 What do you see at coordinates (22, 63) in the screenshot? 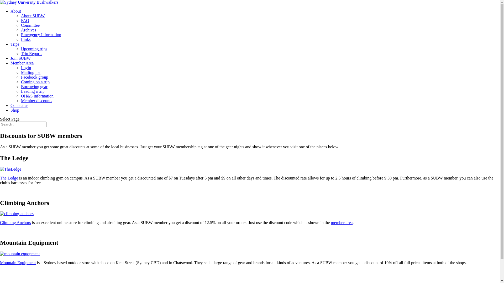
I see `'Member Area'` at bounding box center [22, 63].